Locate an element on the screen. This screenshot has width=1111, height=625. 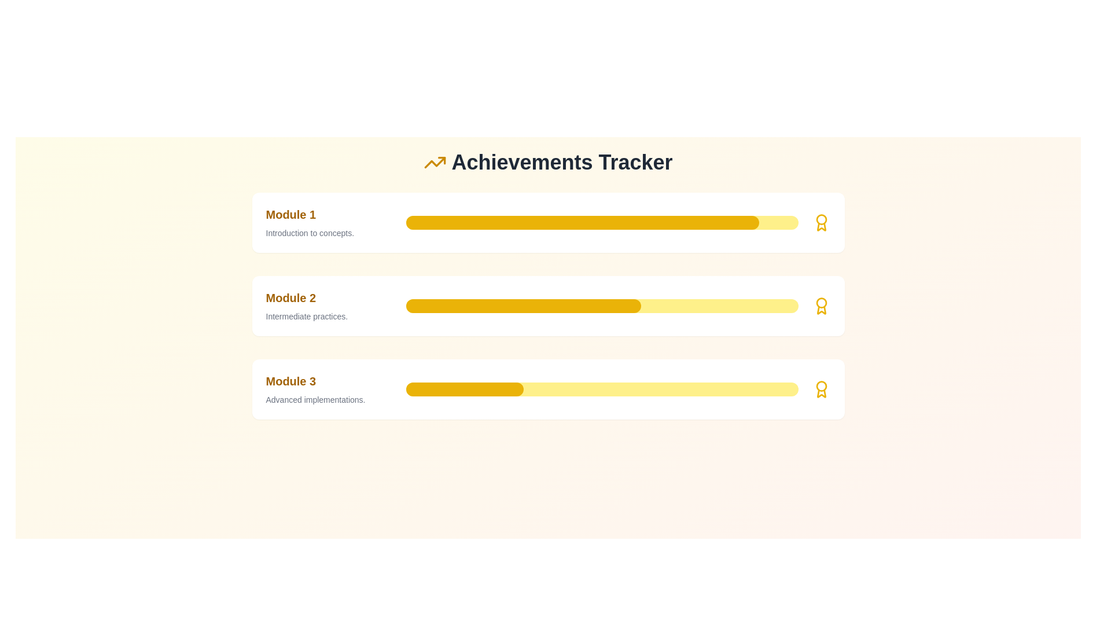
upward trending graphical icon in the SVG group located to the left of the 'Achievements Tracker' label for development purposes is located at coordinates (441, 160).